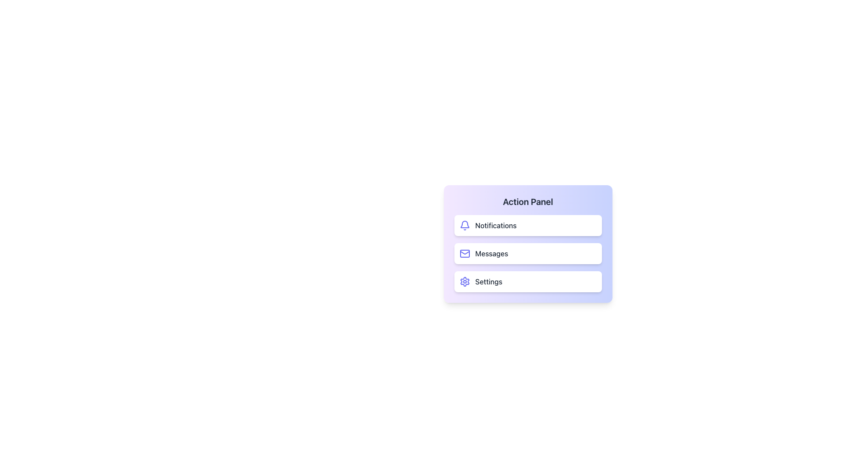 Image resolution: width=843 pixels, height=474 pixels. What do you see at coordinates (464, 252) in the screenshot?
I see `the decorative mail envelope icon in the 'Messages' option of the action panel, which enhances the visual representation of the option` at bounding box center [464, 252].